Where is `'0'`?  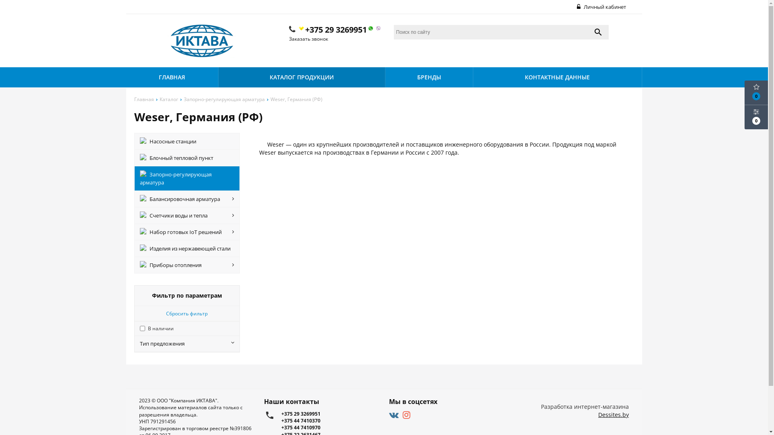 '0' is located at coordinates (756, 92).